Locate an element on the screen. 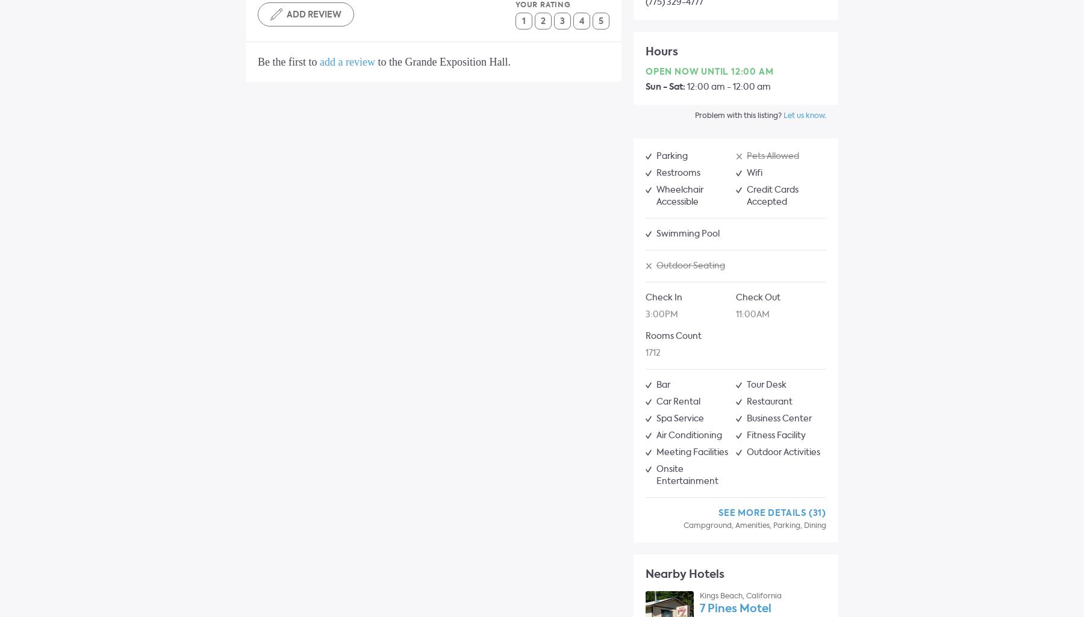  'Sun - Sat:' is located at coordinates (665, 86).